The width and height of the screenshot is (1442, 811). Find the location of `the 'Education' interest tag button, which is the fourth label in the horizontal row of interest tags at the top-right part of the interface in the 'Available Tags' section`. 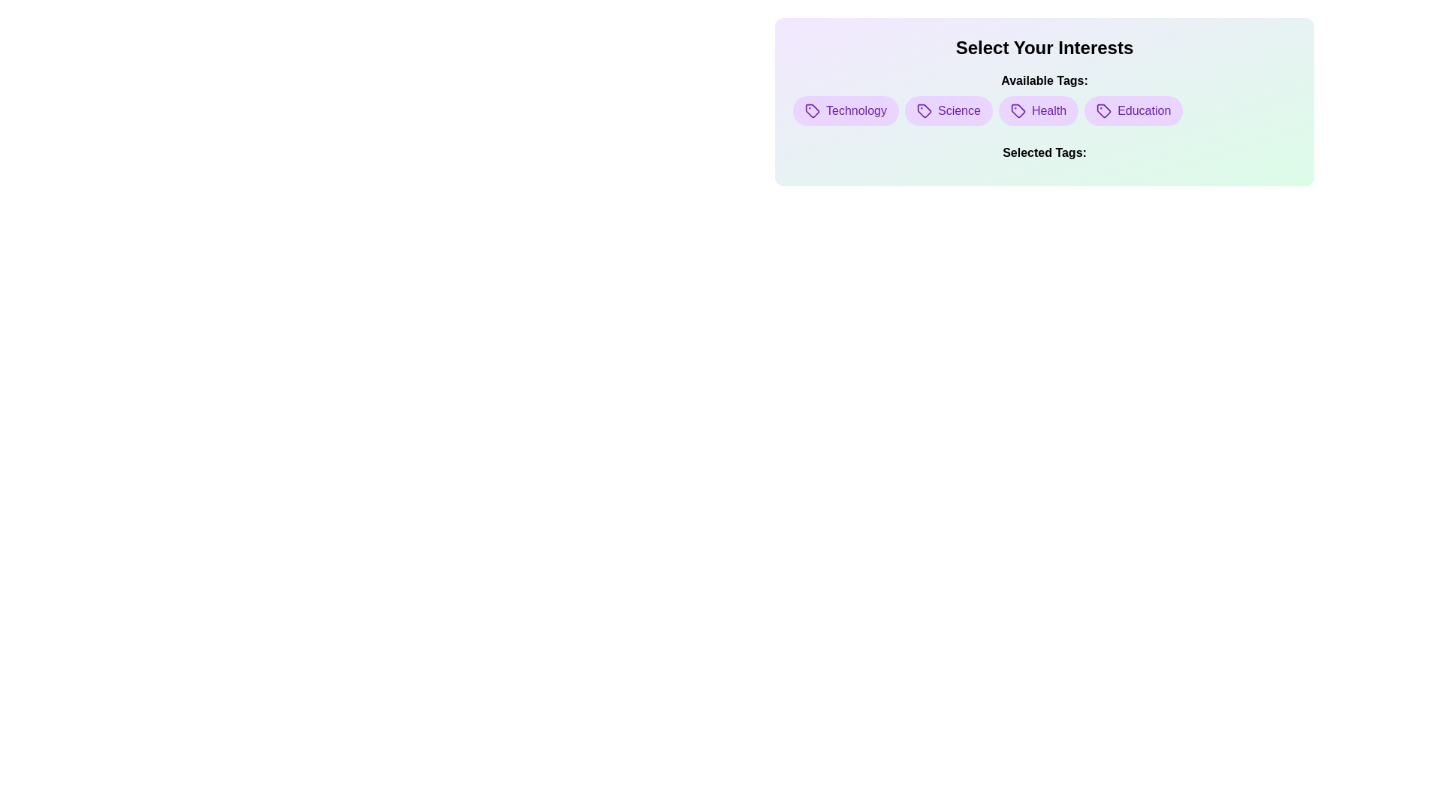

the 'Education' interest tag button, which is the fourth label in the horizontal row of interest tags at the top-right part of the interface in the 'Available Tags' section is located at coordinates (1133, 110).